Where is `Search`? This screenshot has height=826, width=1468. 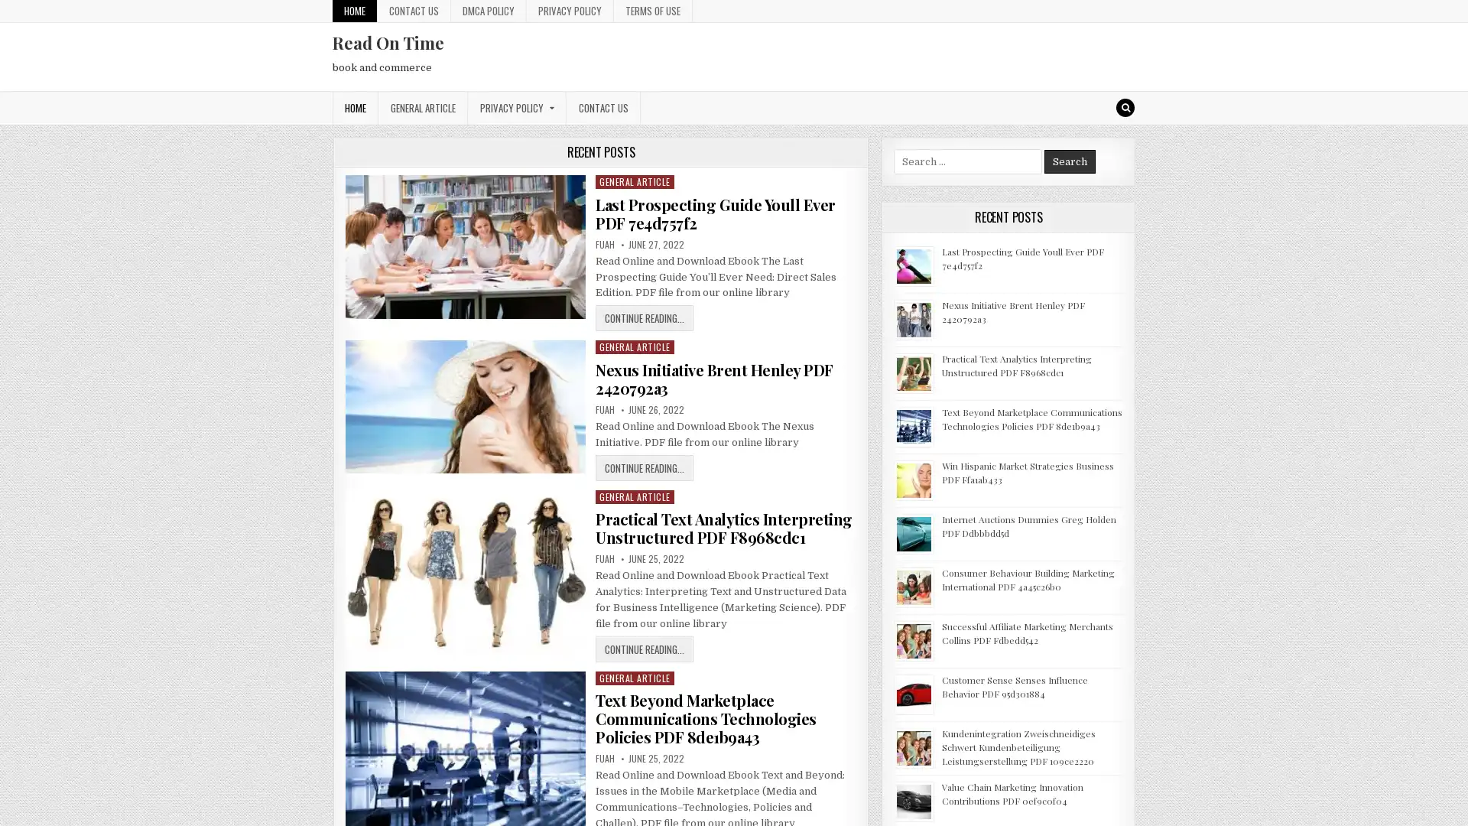
Search is located at coordinates (1069, 161).